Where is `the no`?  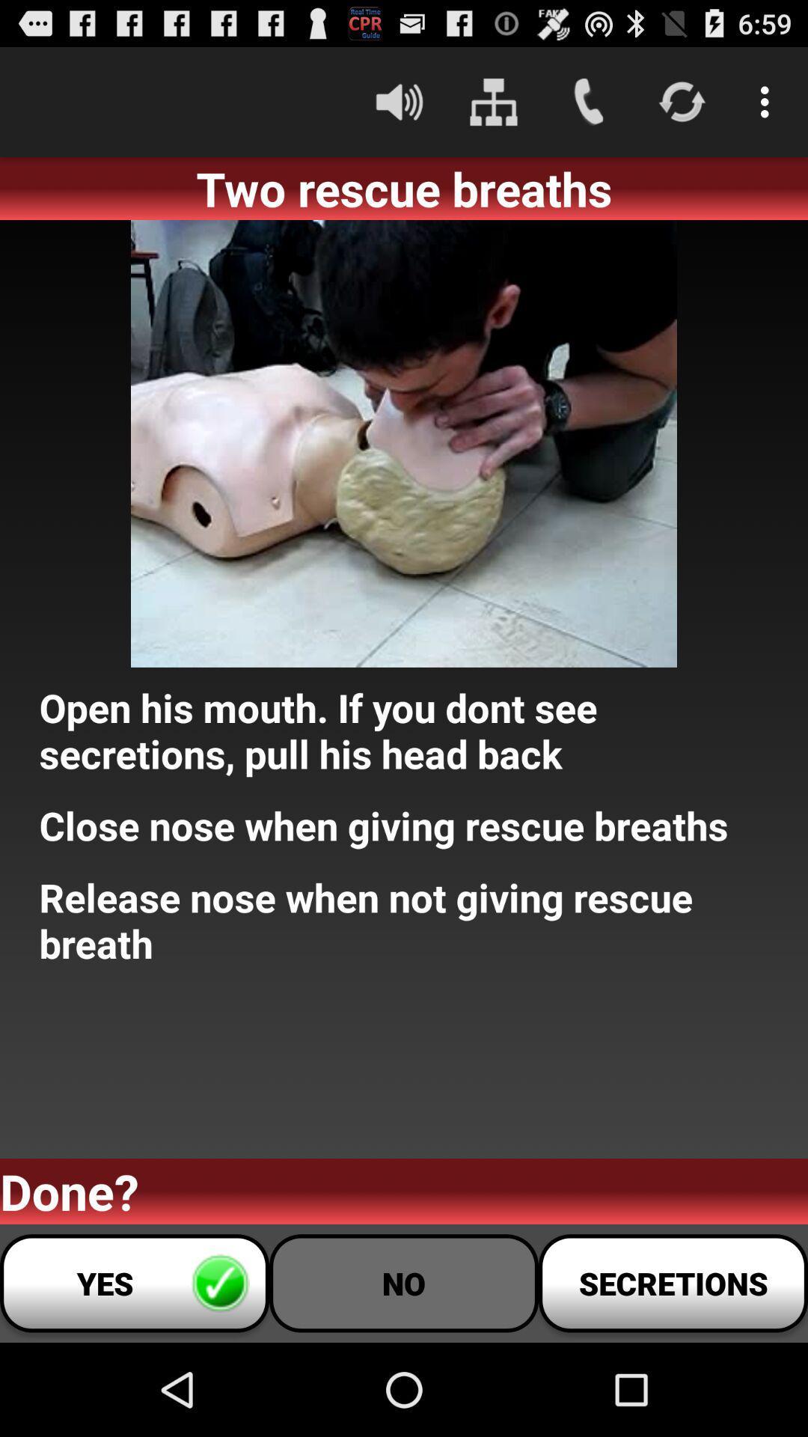
the no is located at coordinates (404, 1282).